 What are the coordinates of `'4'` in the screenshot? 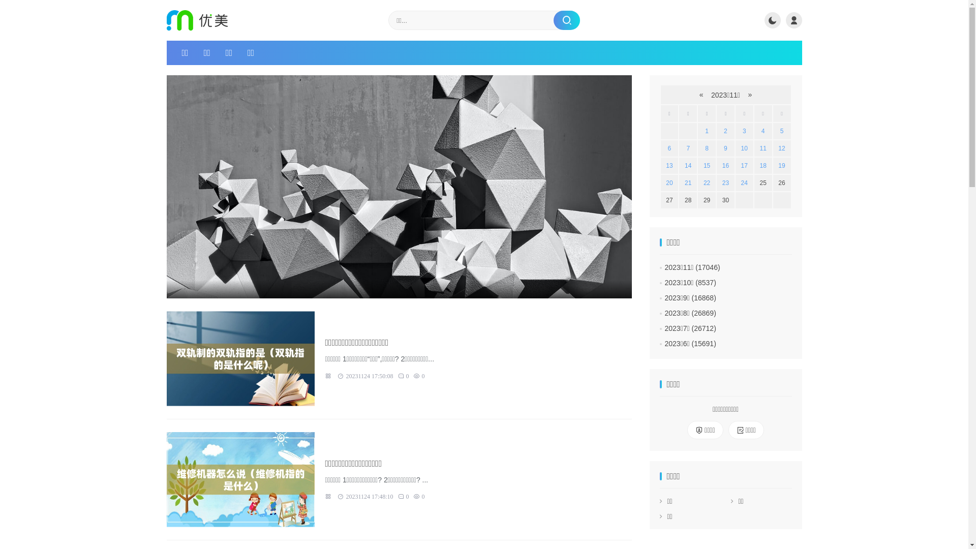 It's located at (763, 131).